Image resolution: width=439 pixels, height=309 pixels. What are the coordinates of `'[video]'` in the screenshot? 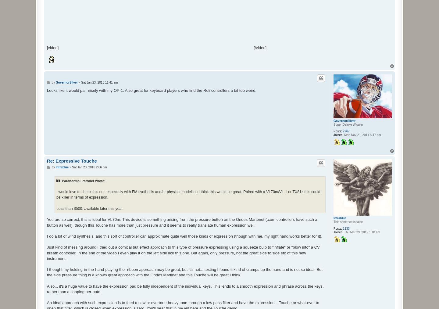 It's located at (46, 47).